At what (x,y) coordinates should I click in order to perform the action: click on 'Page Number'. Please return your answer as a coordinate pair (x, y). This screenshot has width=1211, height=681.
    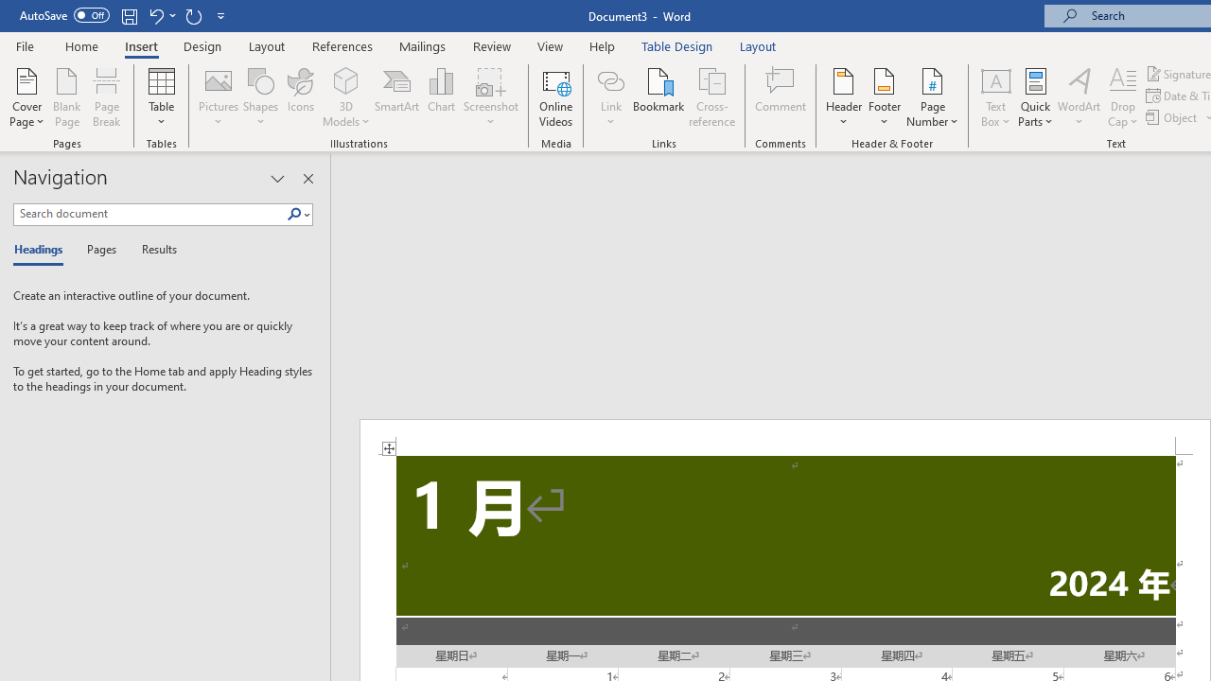
    Looking at the image, I should click on (933, 97).